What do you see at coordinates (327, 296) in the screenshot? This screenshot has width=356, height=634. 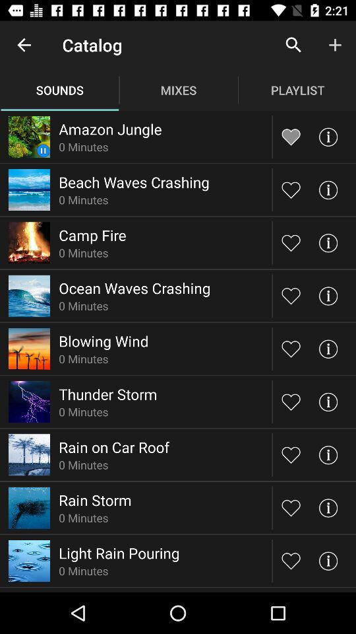 I see `information` at bounding box center [327, 296].